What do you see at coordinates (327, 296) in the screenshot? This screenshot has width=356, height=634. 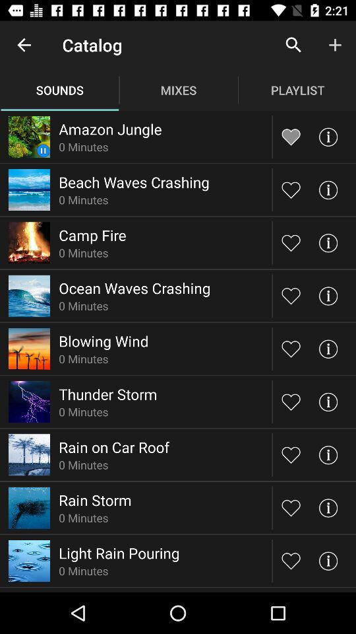 I see `information` at bounding box center [327, 296].